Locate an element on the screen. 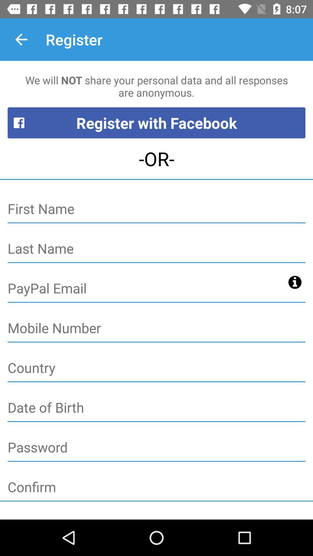  country is located at coordinates (156, 368).